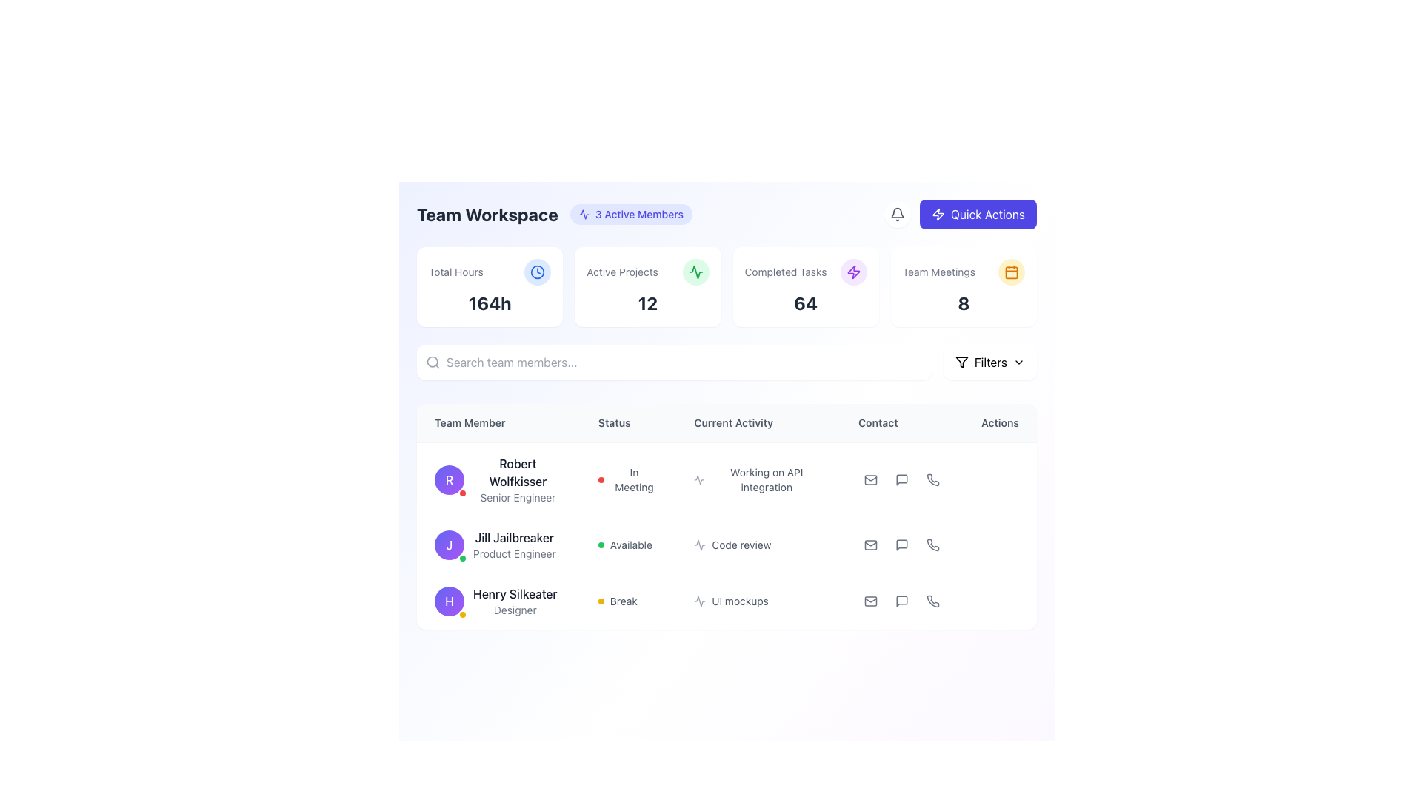  I want to click on the circular icon with a light blue background and a clock symbol, which is located in the top right of the 'Total Hours' information card, so click(537, 272).